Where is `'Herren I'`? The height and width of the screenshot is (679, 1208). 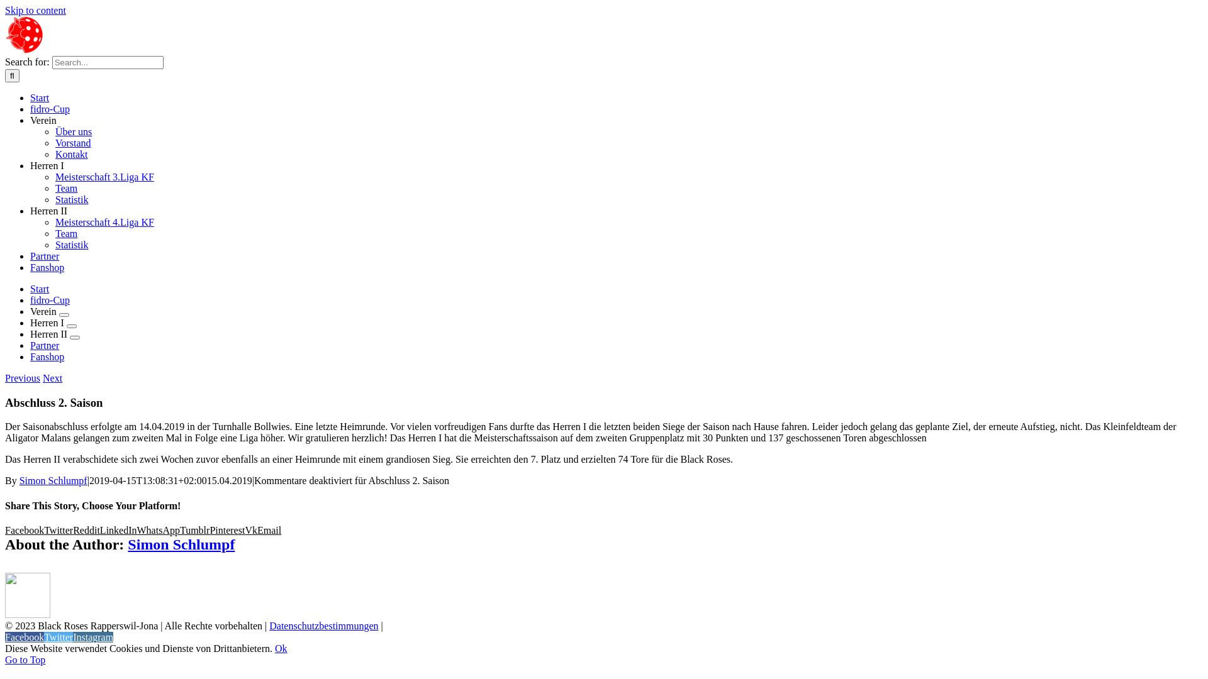 'Herren I' is located at coordinates (48, 322).